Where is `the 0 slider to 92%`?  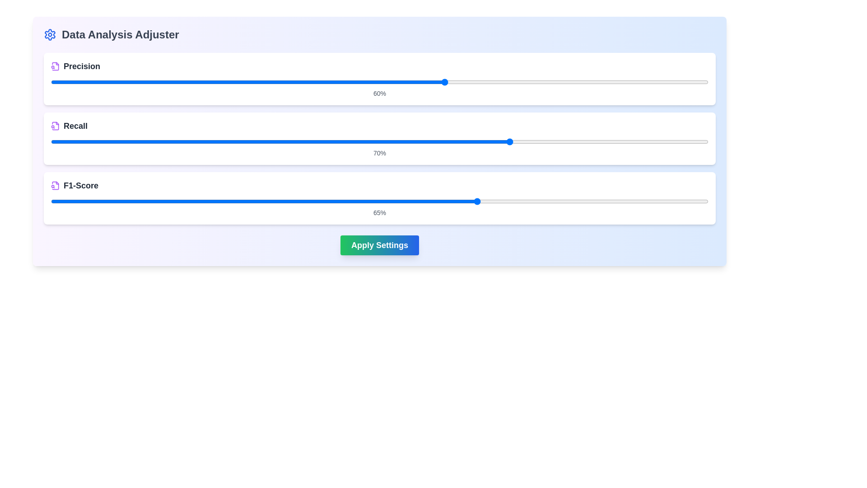 the 0 slider to 92% is located at coordinates (682, 82).